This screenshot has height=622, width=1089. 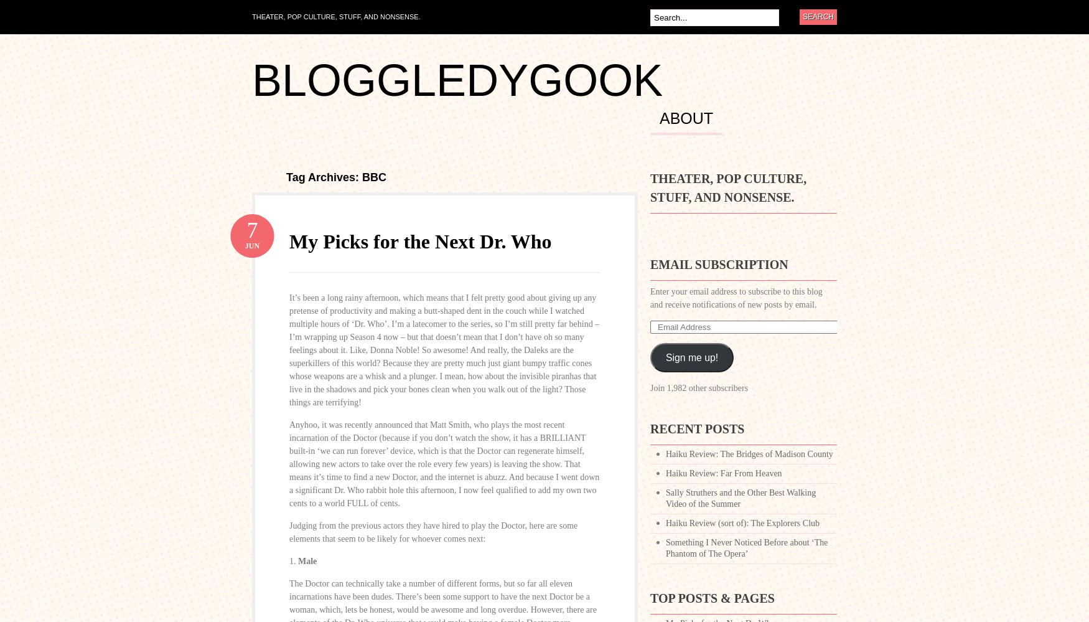 What do you see at coordinates (711, 598) in the screenshot?
I see `'Top Posts & Pages'` at bounding box center [711, 598].